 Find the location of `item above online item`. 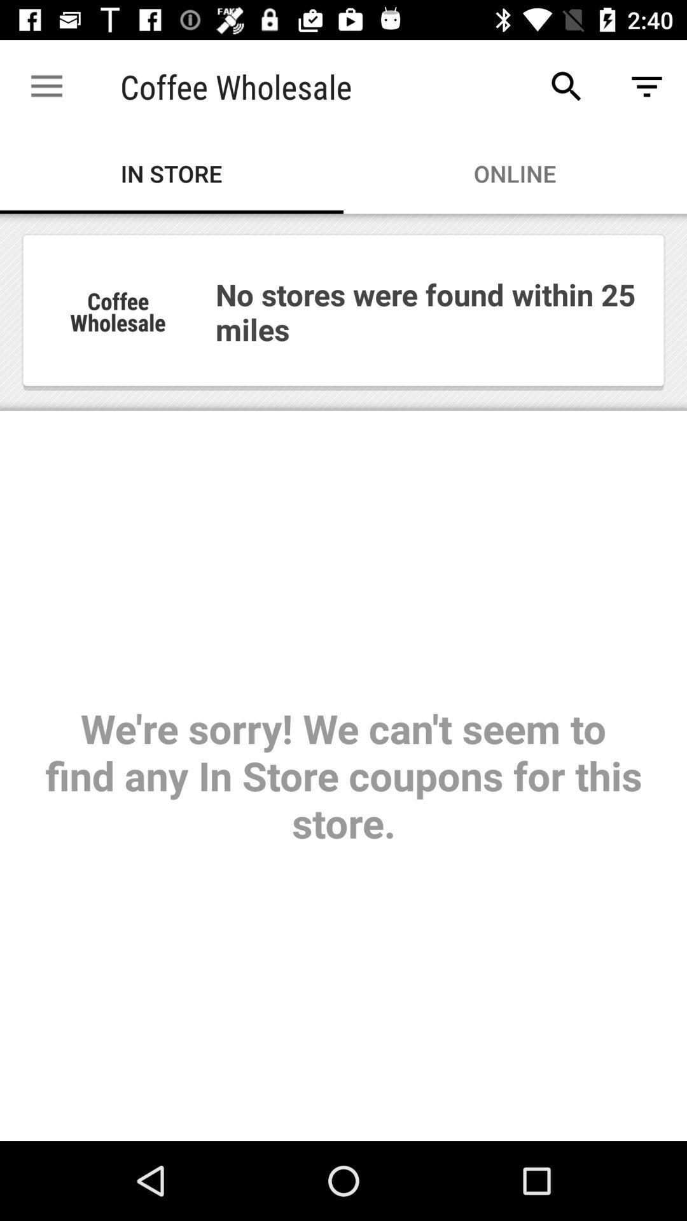

item above online item is located at coordinates (566, 86).